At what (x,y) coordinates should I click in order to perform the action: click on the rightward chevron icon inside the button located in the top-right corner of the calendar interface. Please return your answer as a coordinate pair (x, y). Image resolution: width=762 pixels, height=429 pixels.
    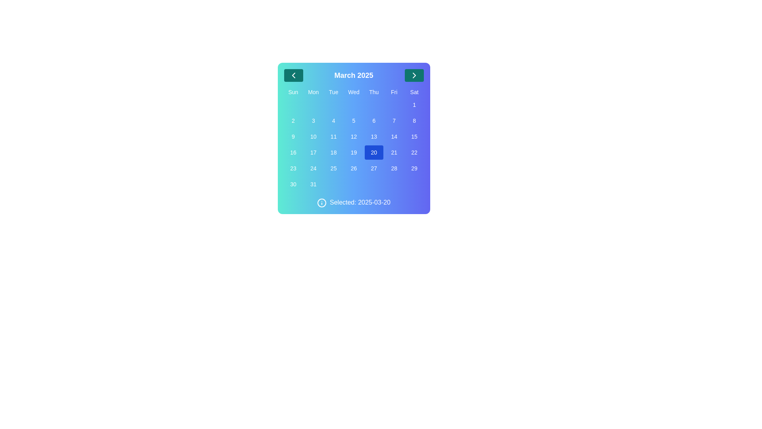
    Looking at the image, I should click on (414, 75).